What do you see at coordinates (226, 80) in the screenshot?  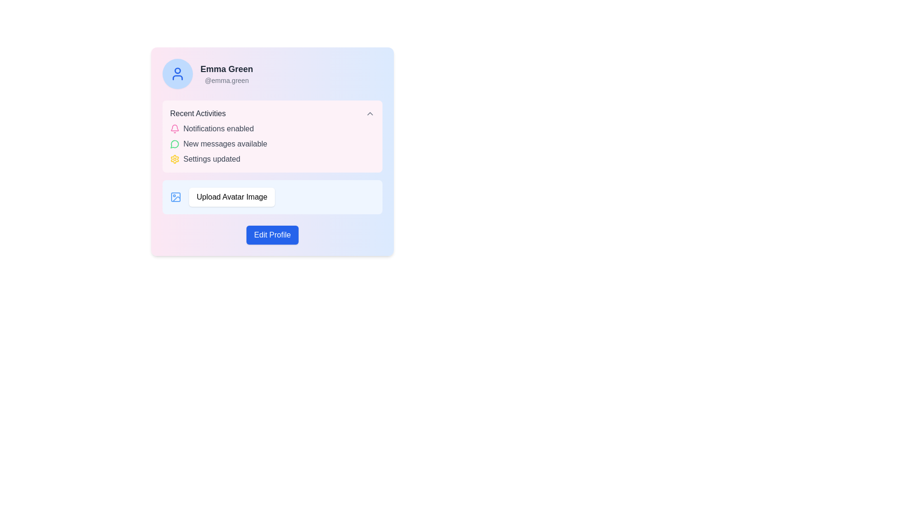 I see `username displayed in the Text Label located directly below 'Emma Green' in the profile card layout` at bounding box center [226, 80].